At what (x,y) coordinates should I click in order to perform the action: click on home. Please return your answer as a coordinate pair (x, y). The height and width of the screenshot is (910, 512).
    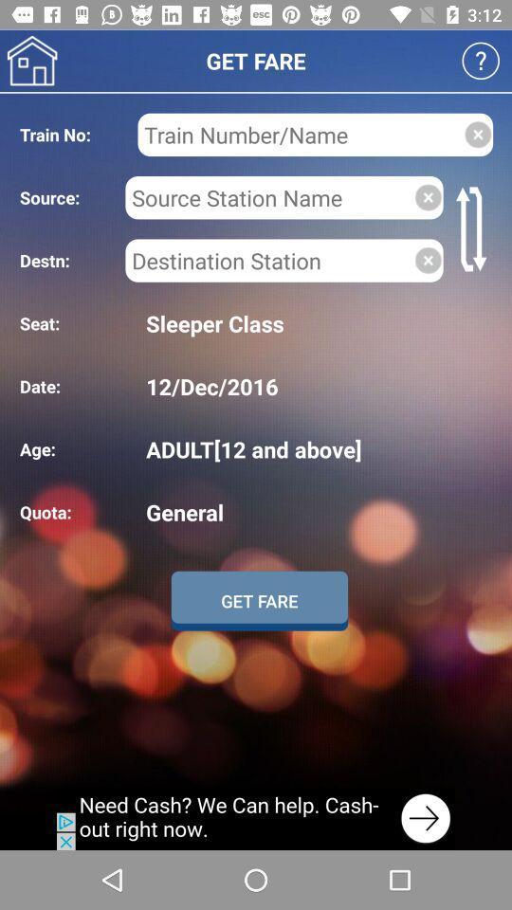
    Looking at the image, I should click on (31, 61).